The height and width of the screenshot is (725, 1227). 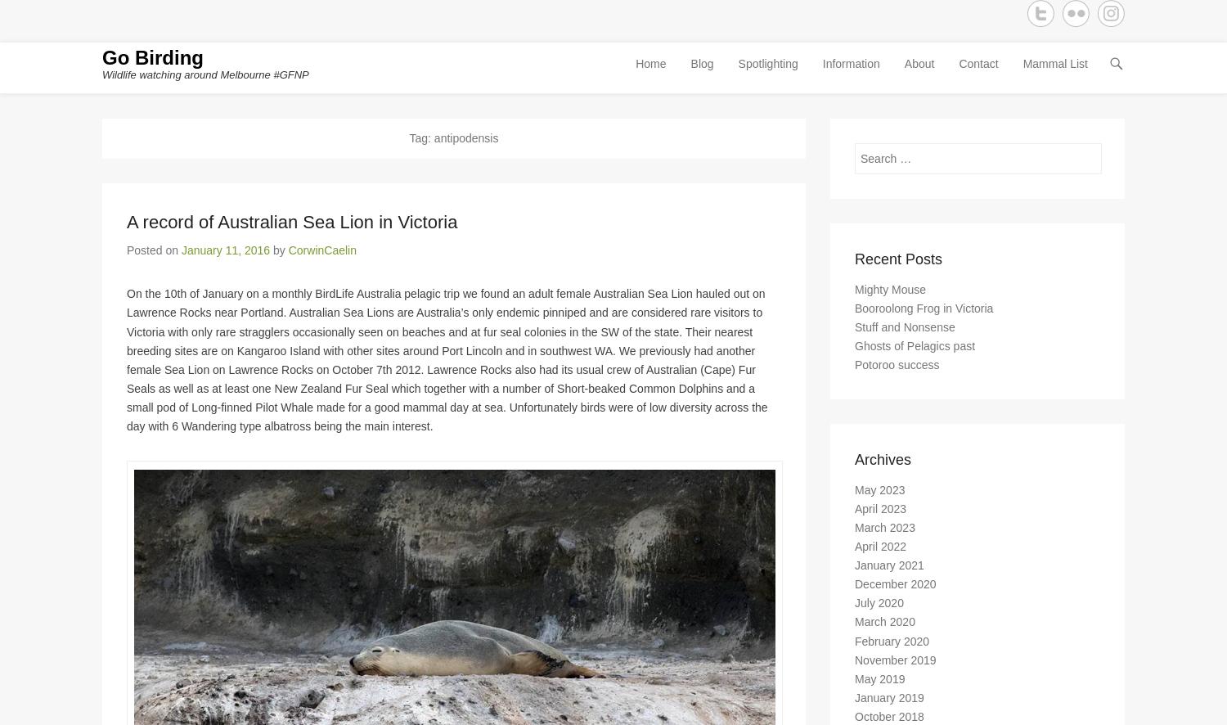 I want to click on 'by', so click(x=277, y=255).